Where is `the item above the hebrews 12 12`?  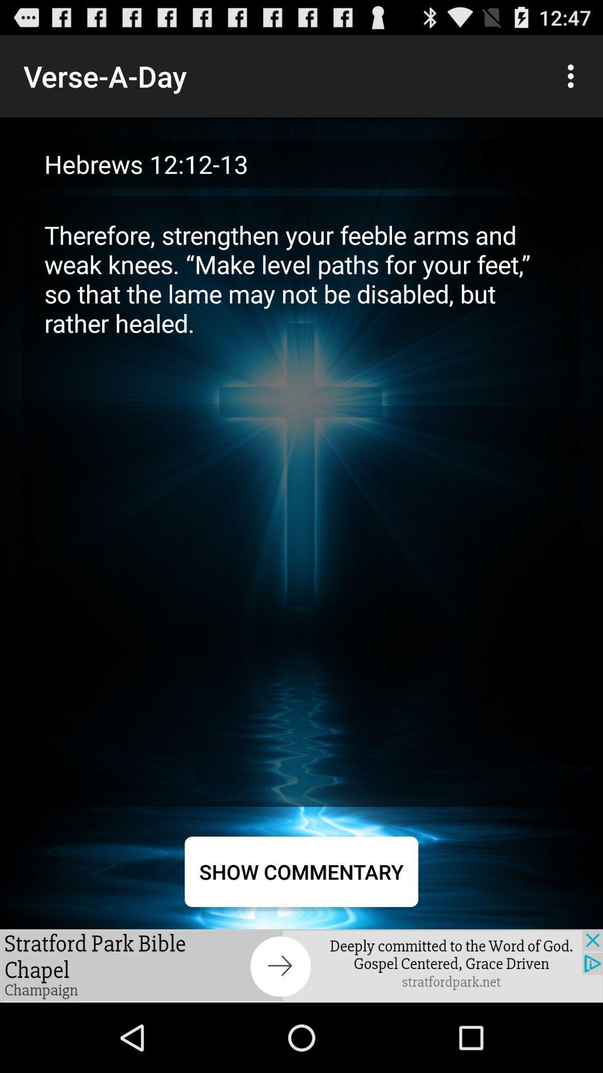
the item above the hebrews 12 12 is located at coordinates (573, 75).